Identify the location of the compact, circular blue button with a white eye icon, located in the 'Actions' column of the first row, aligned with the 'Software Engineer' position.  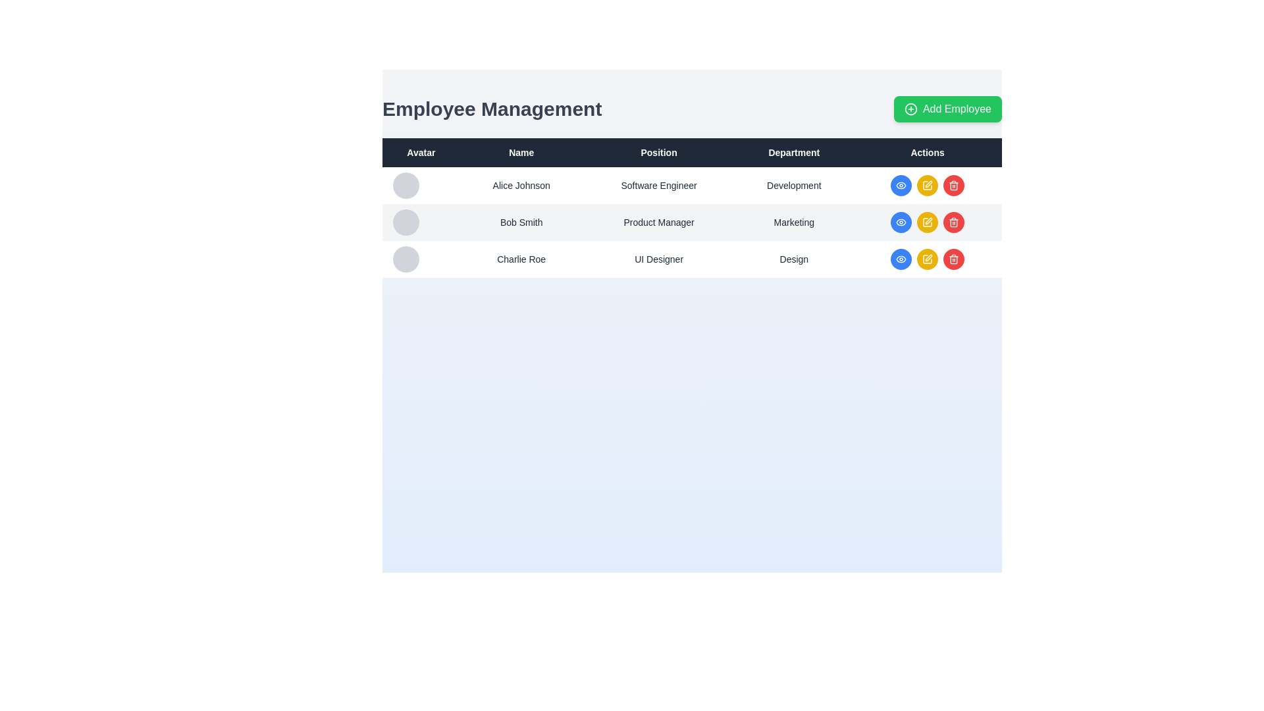
(900, 185).